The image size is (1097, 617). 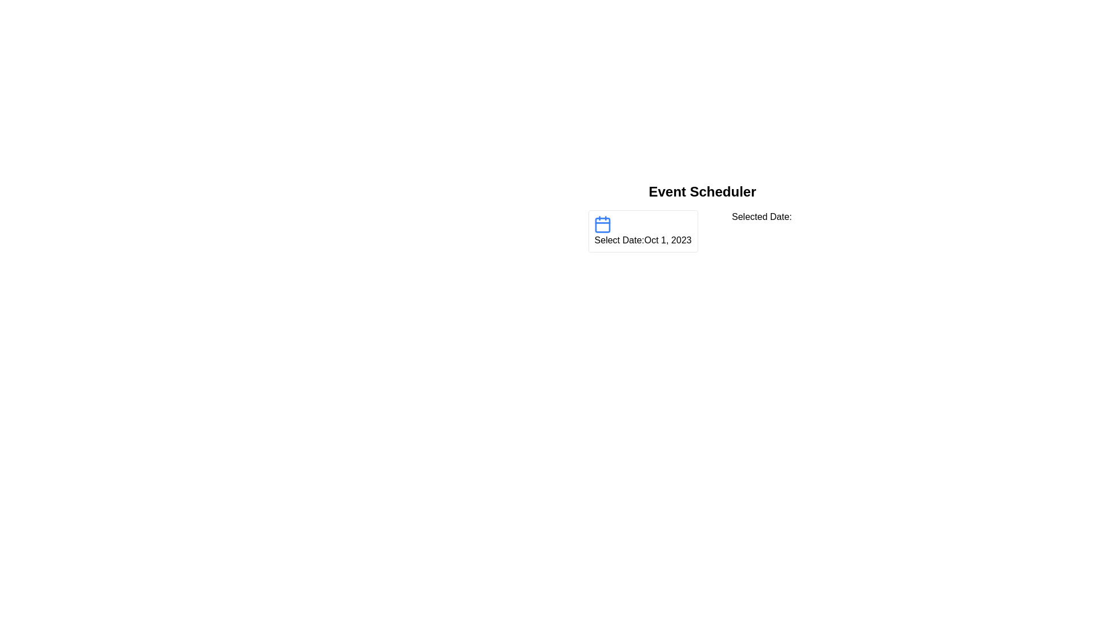 I want to click on Text Label that provides context or description about the selected date, located towards the right and aligned with the date selector widget, so click(x=762, y=217).